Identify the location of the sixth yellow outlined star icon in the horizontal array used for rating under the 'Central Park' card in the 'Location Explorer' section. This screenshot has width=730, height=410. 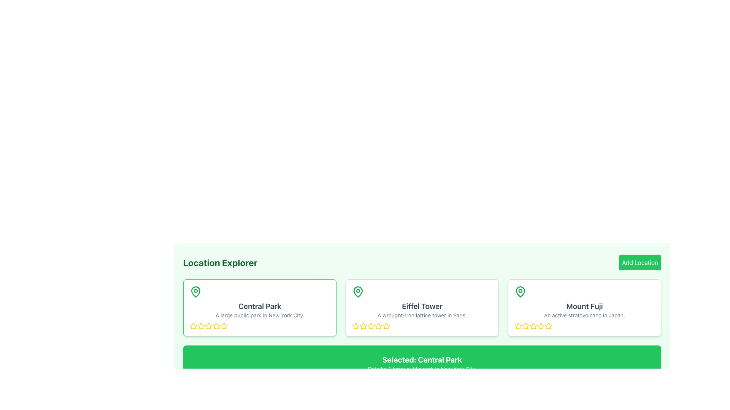
(224, 326).